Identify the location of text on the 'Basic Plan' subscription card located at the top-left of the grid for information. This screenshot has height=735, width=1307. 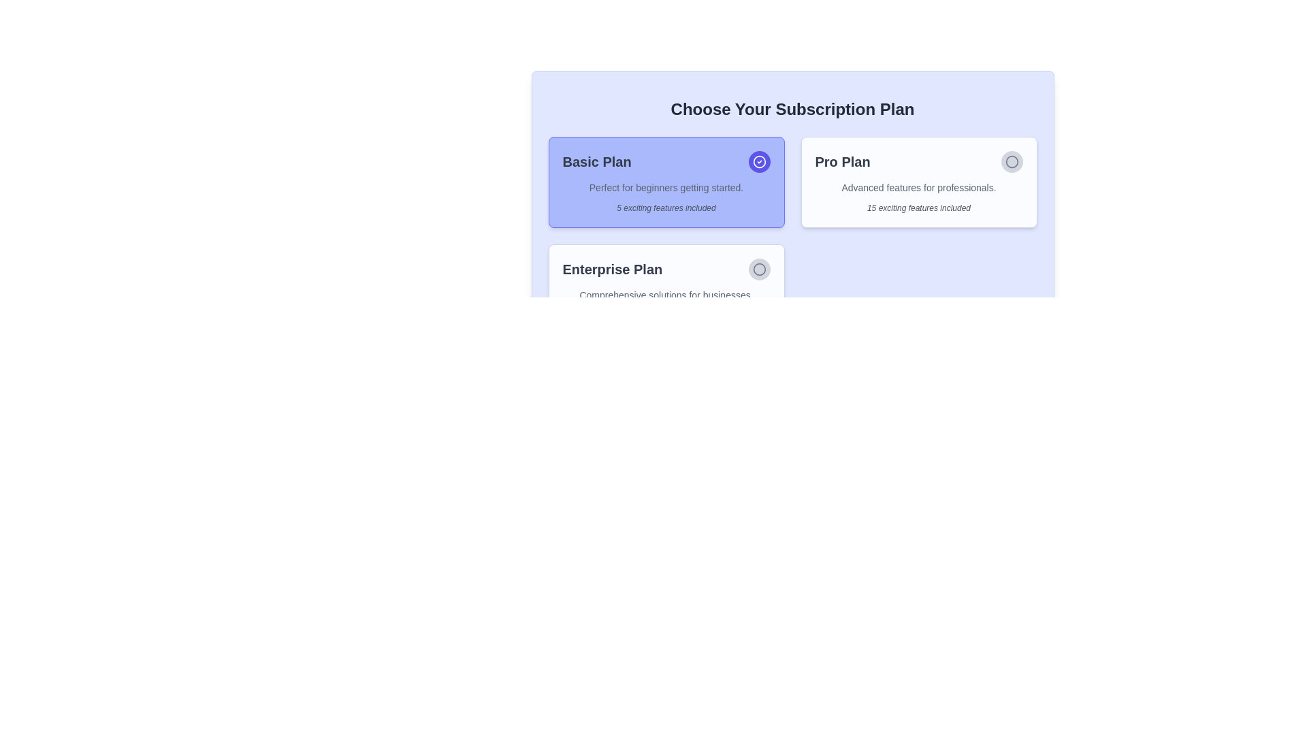
(666, 181).